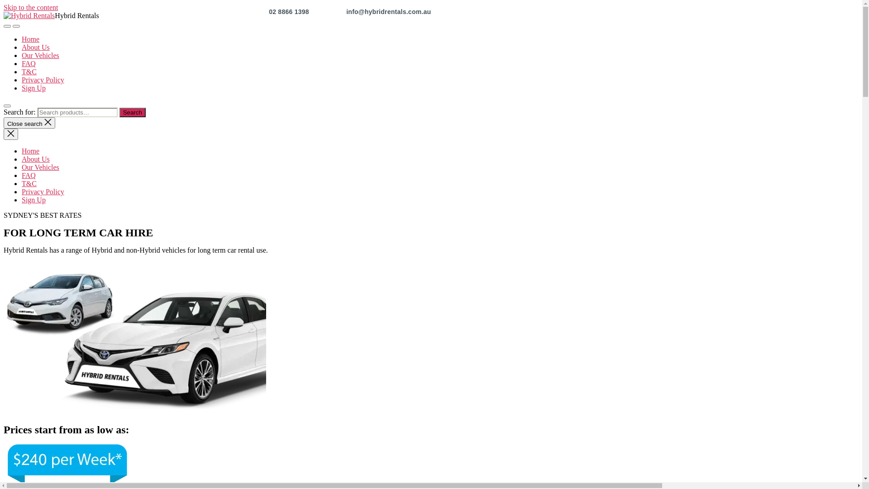 Image resolution: width=869 pixels, height=489 pixels. Describe the element at coordinates (22, 199) in the screenshot. I see `'Sign Up'` at that location.